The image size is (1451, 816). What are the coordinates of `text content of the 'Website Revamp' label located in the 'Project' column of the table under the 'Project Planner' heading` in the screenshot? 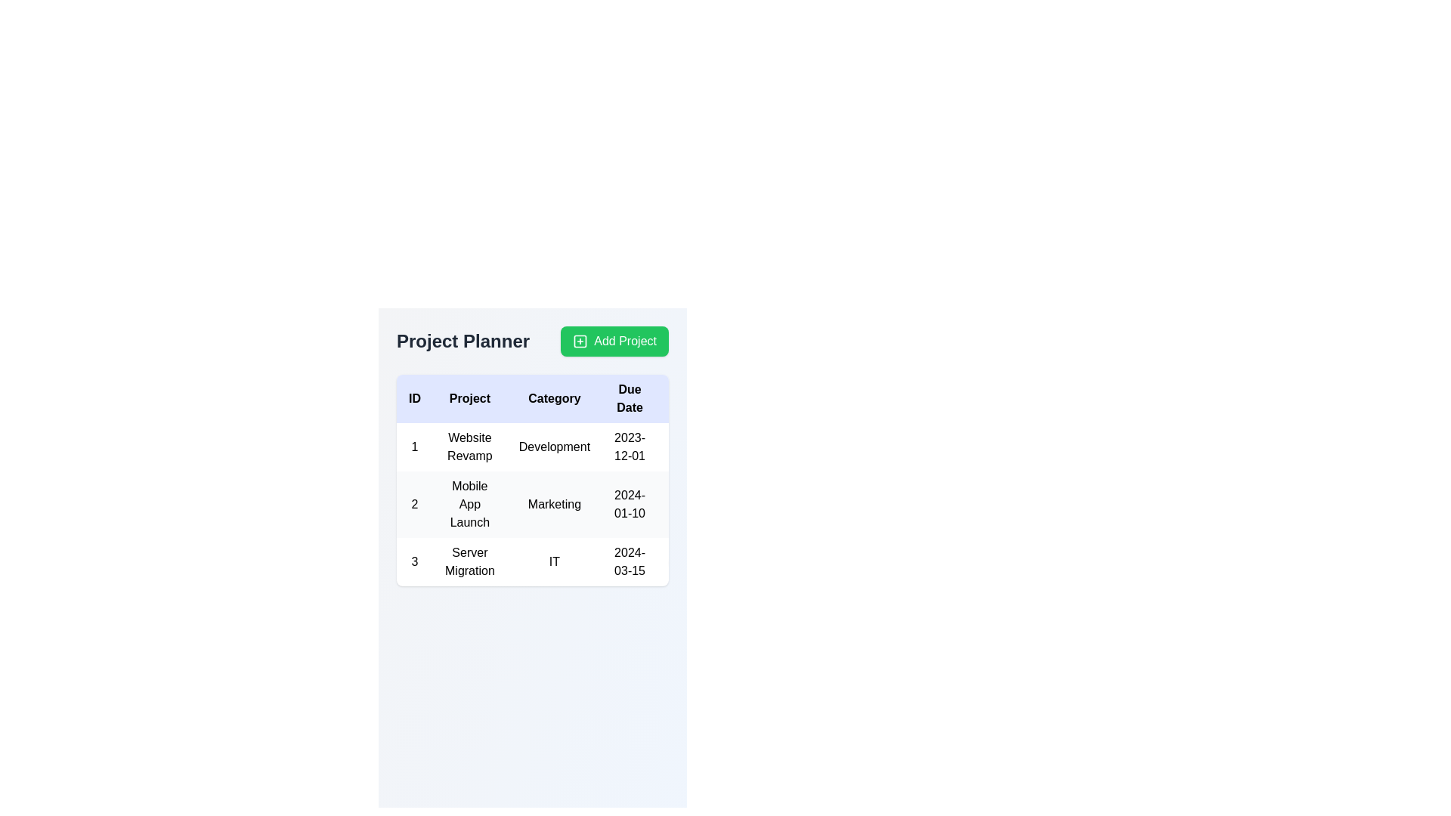 It's located at (469, 446).